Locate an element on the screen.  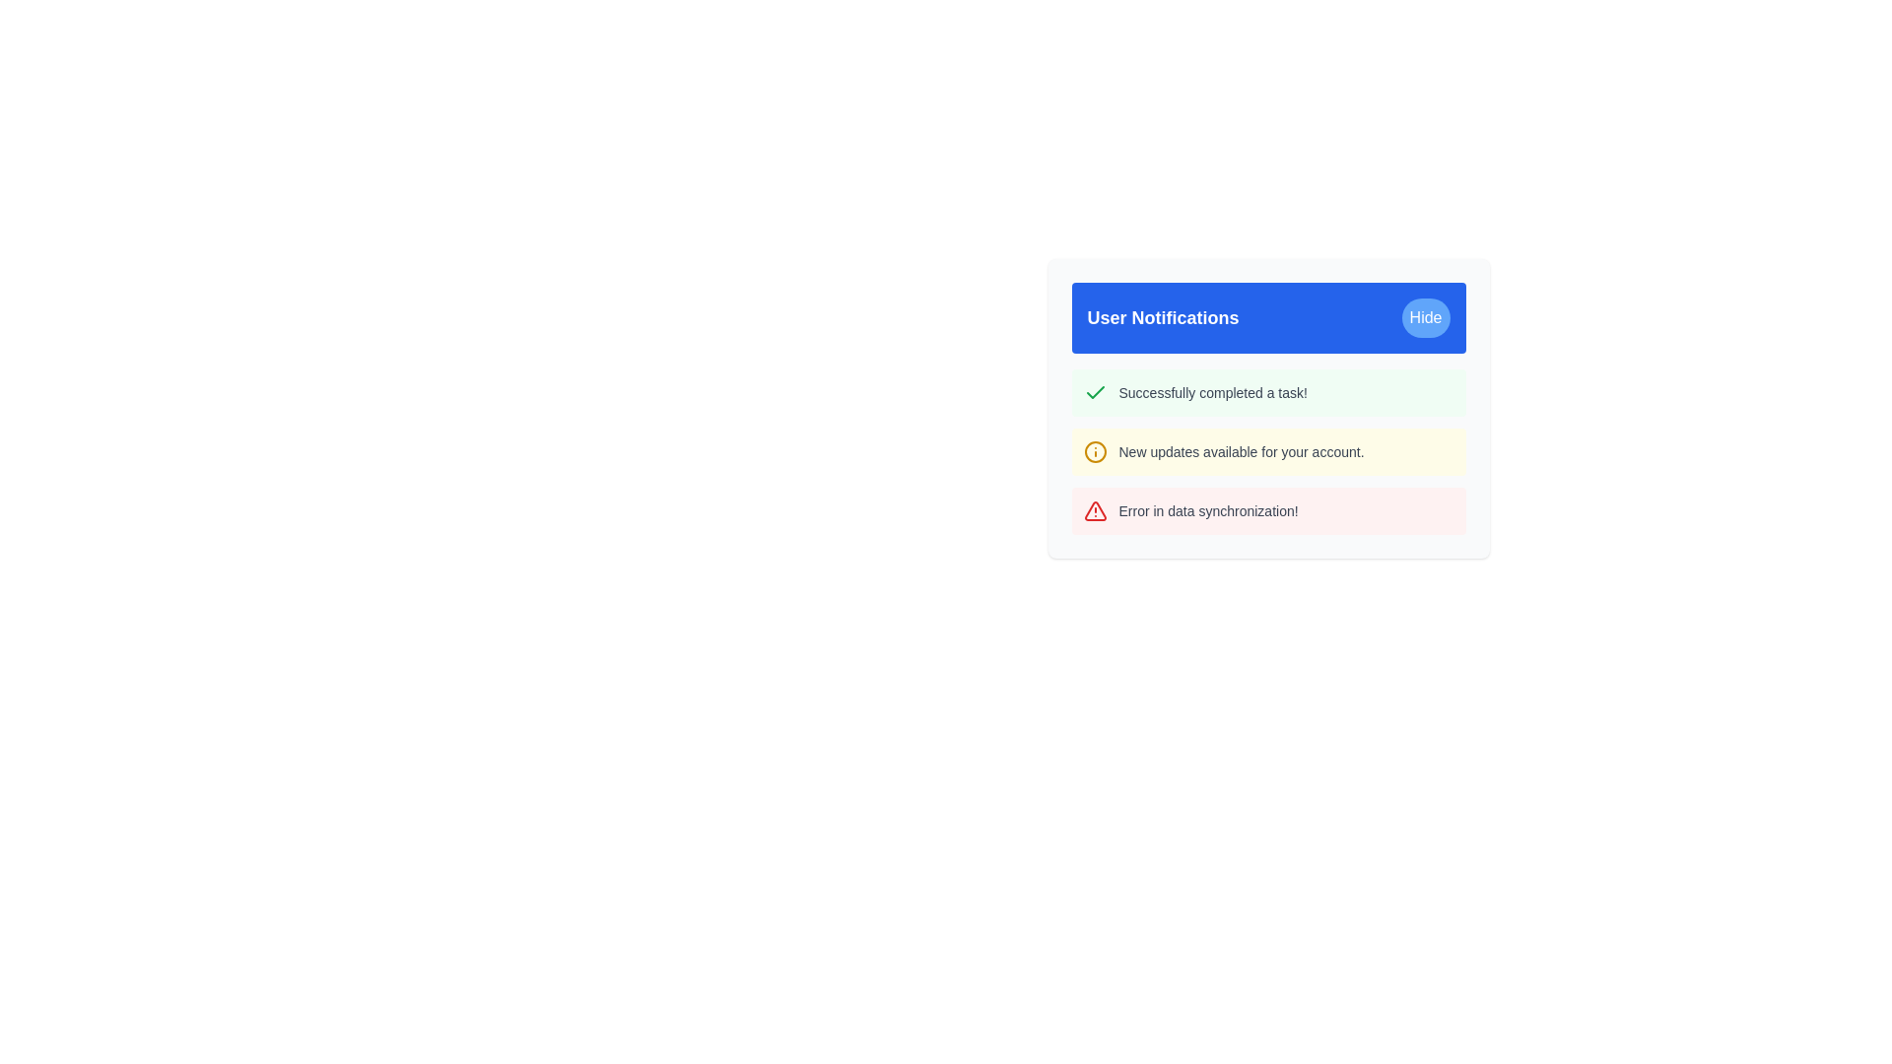
the circular element within the SVG graphic located in the top-right section of the 'User Notifications' panel is located at coordinates (1094, 452).